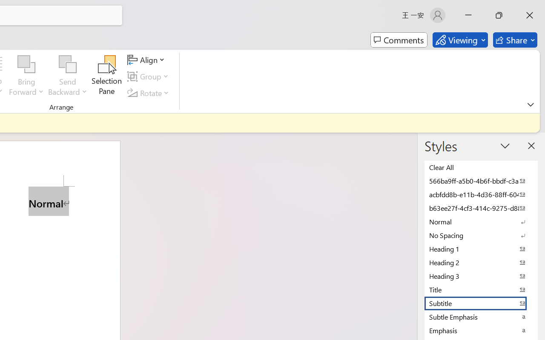  What do you see at coordinates (459, 40) in the screenshot?
I see `'Mode'` at bounding box center [459, 40].